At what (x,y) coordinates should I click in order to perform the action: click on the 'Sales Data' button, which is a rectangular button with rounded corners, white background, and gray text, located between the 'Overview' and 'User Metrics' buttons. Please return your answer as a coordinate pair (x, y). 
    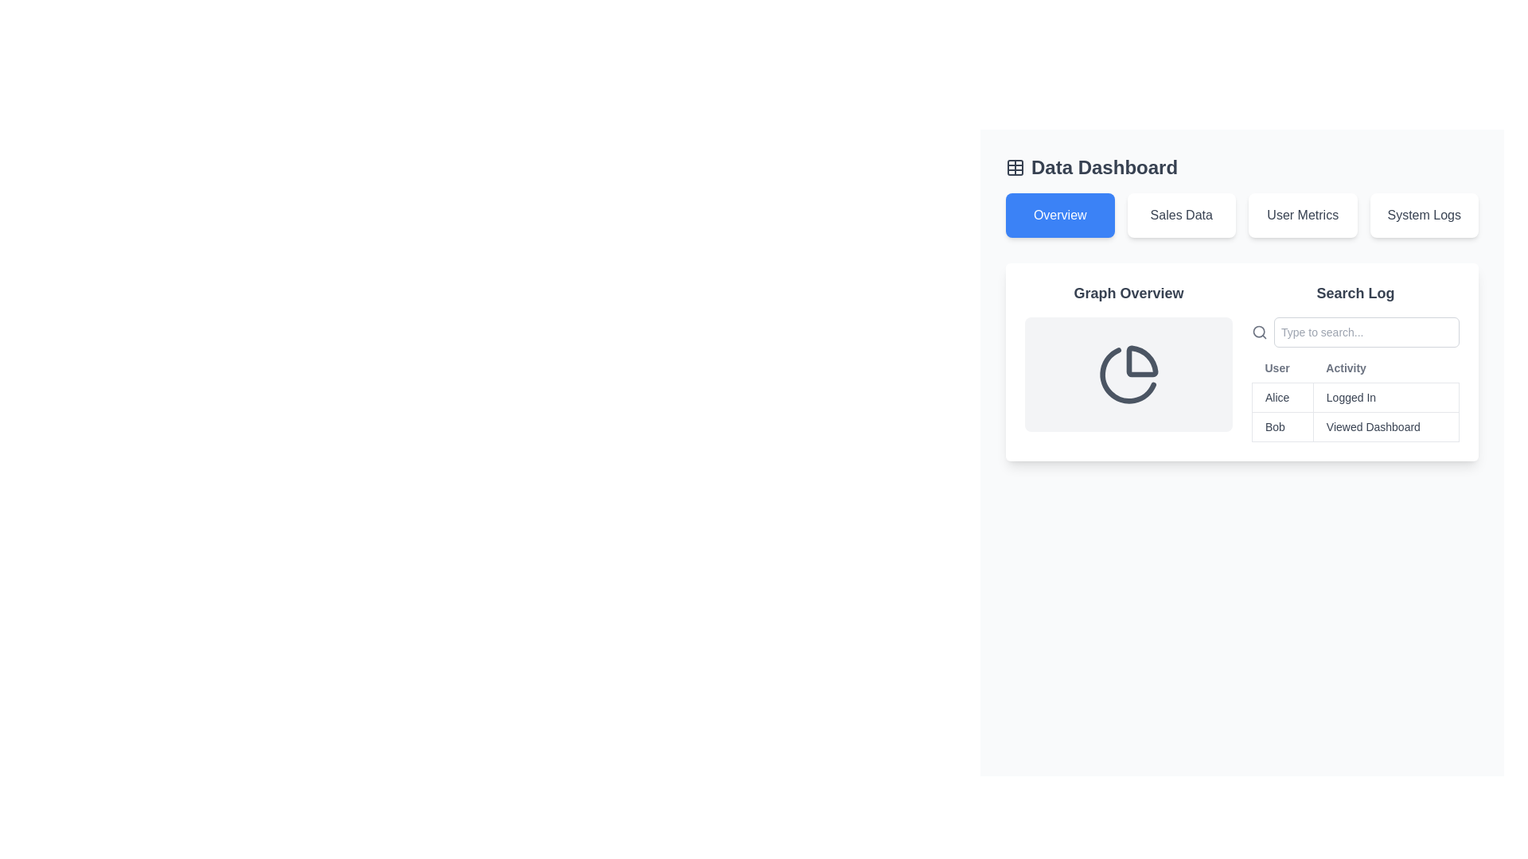
    Looking at the image, I should click on (1181, 215).